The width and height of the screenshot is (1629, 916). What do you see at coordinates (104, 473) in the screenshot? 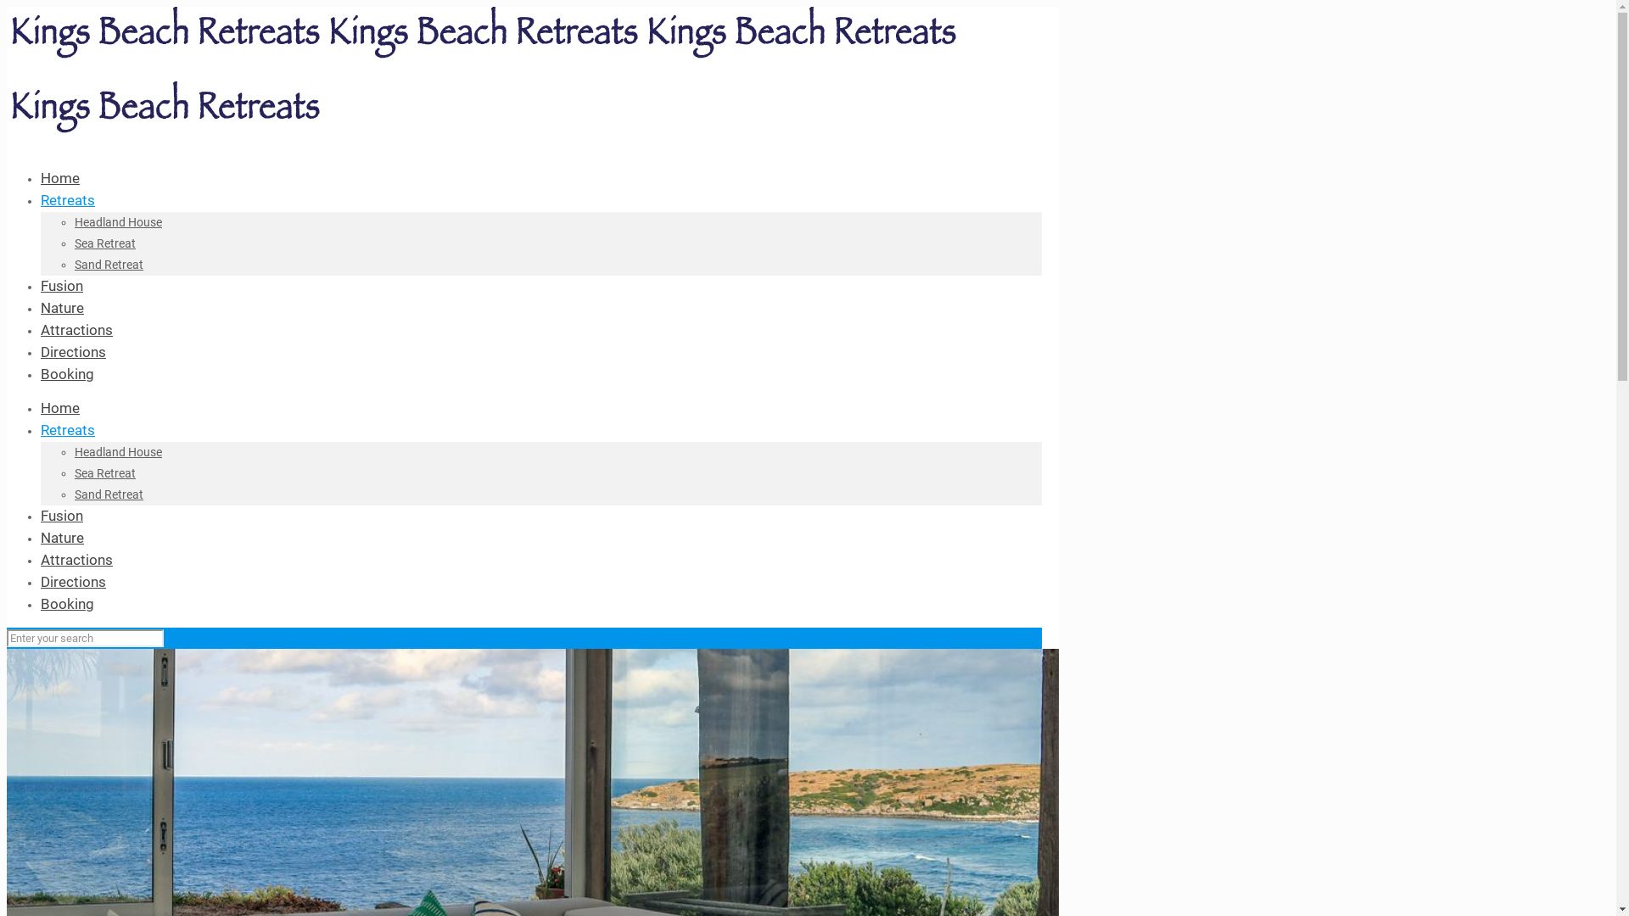
I see `'Sea Retreat'` at bounding box center [104, 473].